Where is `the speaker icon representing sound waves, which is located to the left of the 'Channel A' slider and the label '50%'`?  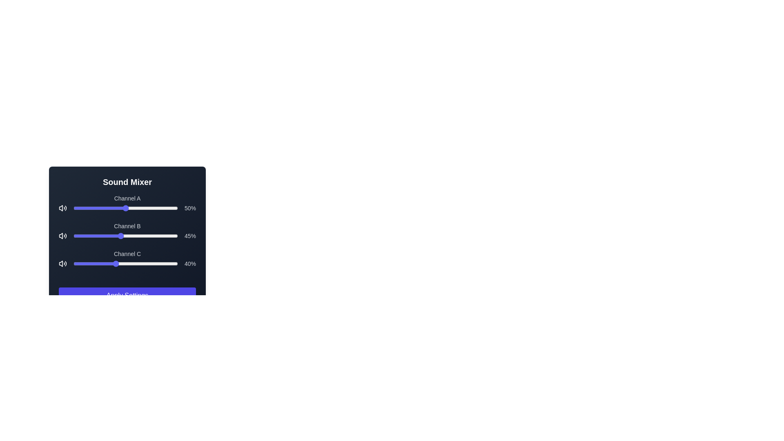
the speaker icon representing sound waves, which is located to the left of the 'Channel A' slider and the label '50%' is located at coordinates (62, 207).